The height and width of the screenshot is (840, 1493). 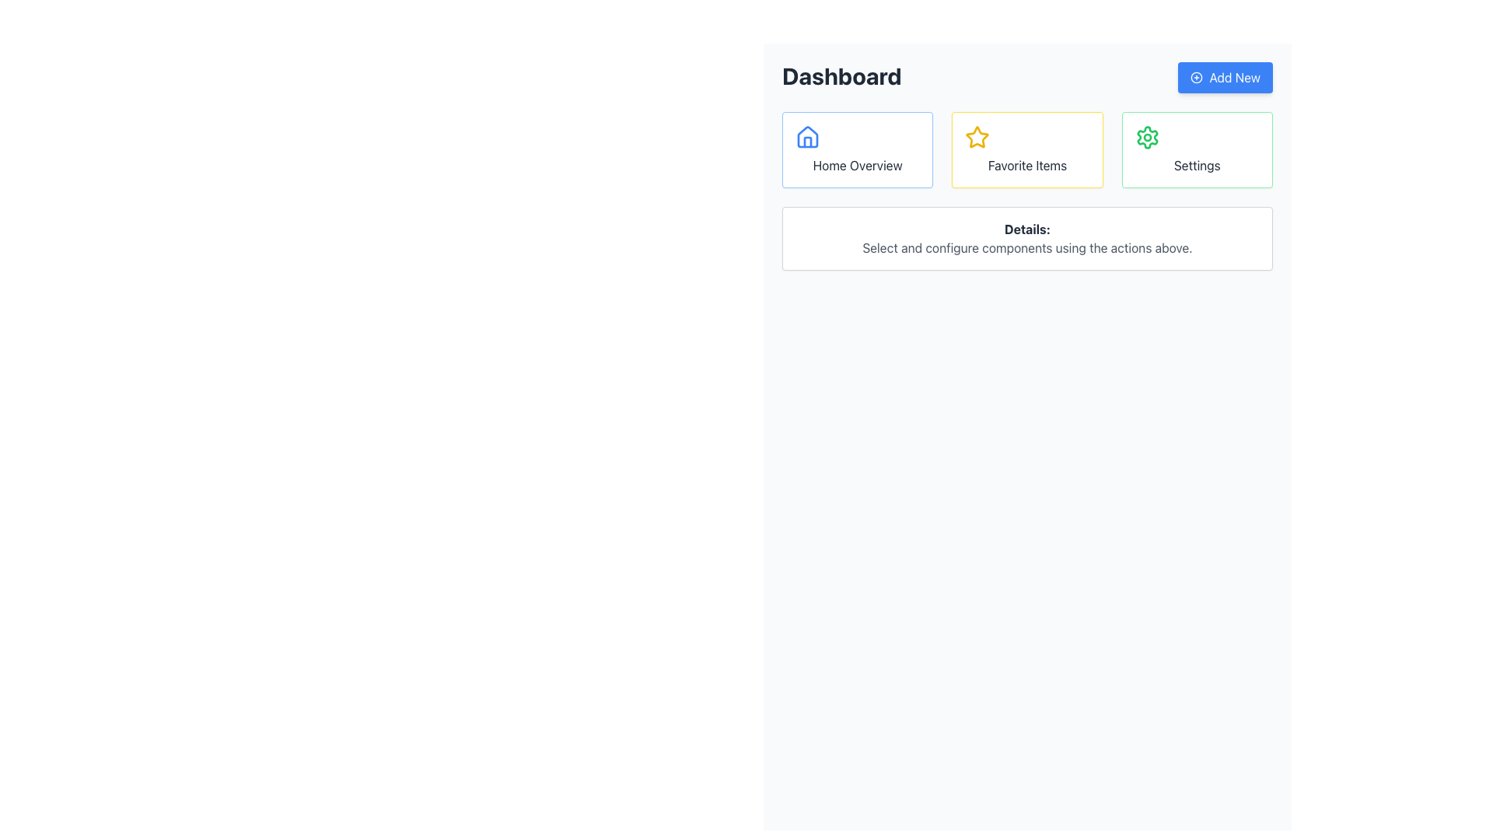 I want to click on the star-shaped yellow icon located in the 'Favorite Items' section of the dashboard interface, so click(x=977, y=136).